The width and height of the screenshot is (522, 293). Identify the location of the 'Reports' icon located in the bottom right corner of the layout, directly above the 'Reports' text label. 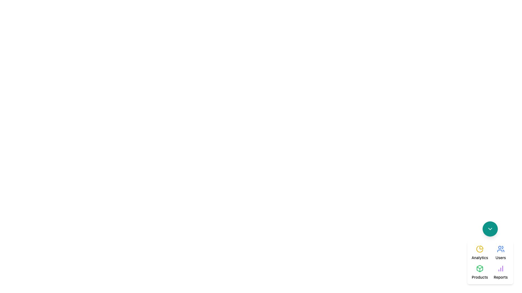
(500, 269).